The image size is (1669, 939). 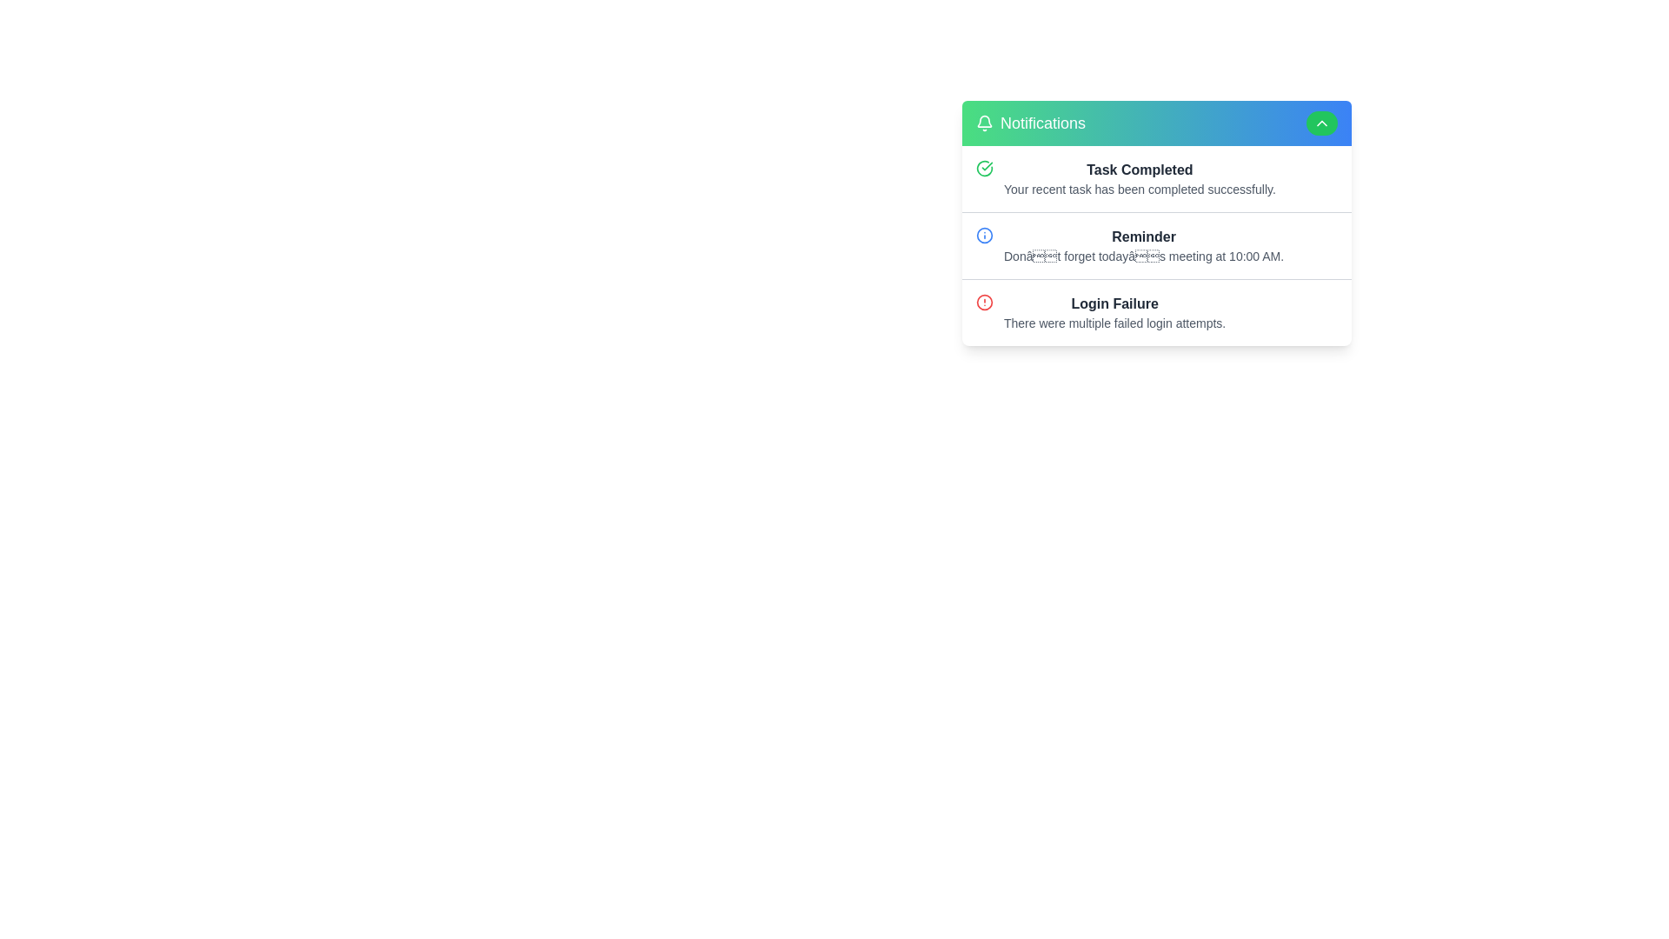 What do you see at coordinates (1114, 303) in the screenshot?
I see `the Text Header indicating the login failure notification to copy its text` at bounding box center [1114, 303].